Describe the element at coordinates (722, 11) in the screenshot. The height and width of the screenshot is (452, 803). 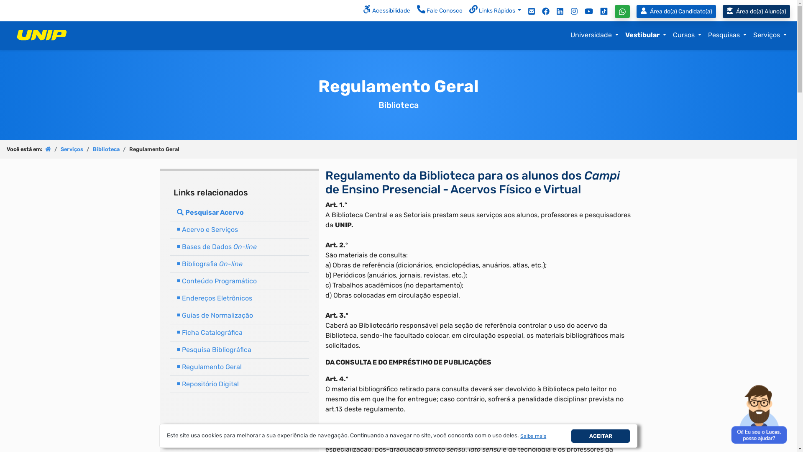
I see `'Aluno(a)'` at that location.